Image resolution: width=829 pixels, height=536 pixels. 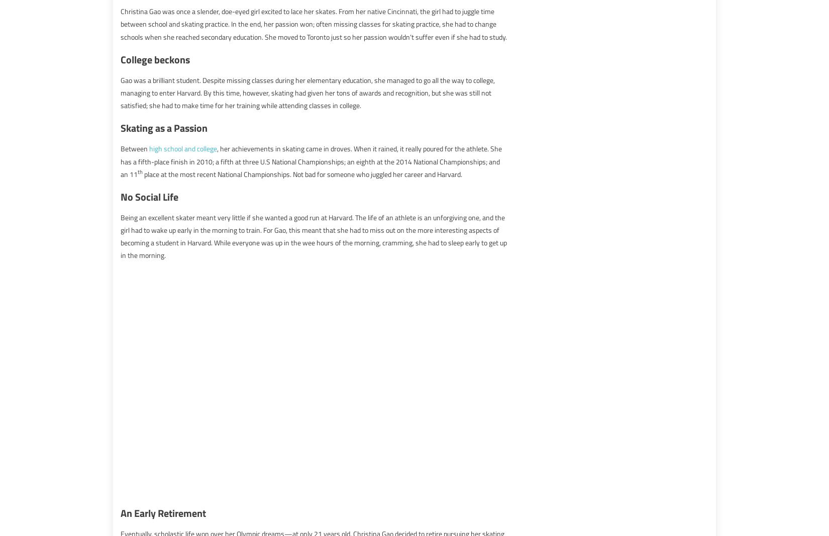 What do you see at coordinates (121, 512) in the screenshot?
I see `'An Early Retirement'` at bounding box center [121, 512].